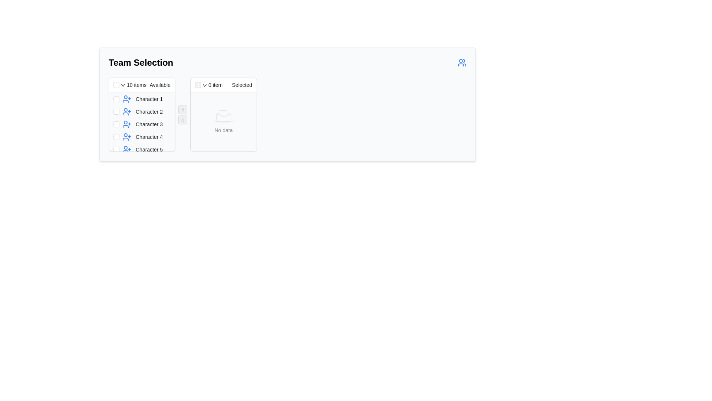 This screenshot has height=401, width=712. I want to click on the checkbox for 'Character 2' in the 'Team Selection' dialog, so click(116, 111).